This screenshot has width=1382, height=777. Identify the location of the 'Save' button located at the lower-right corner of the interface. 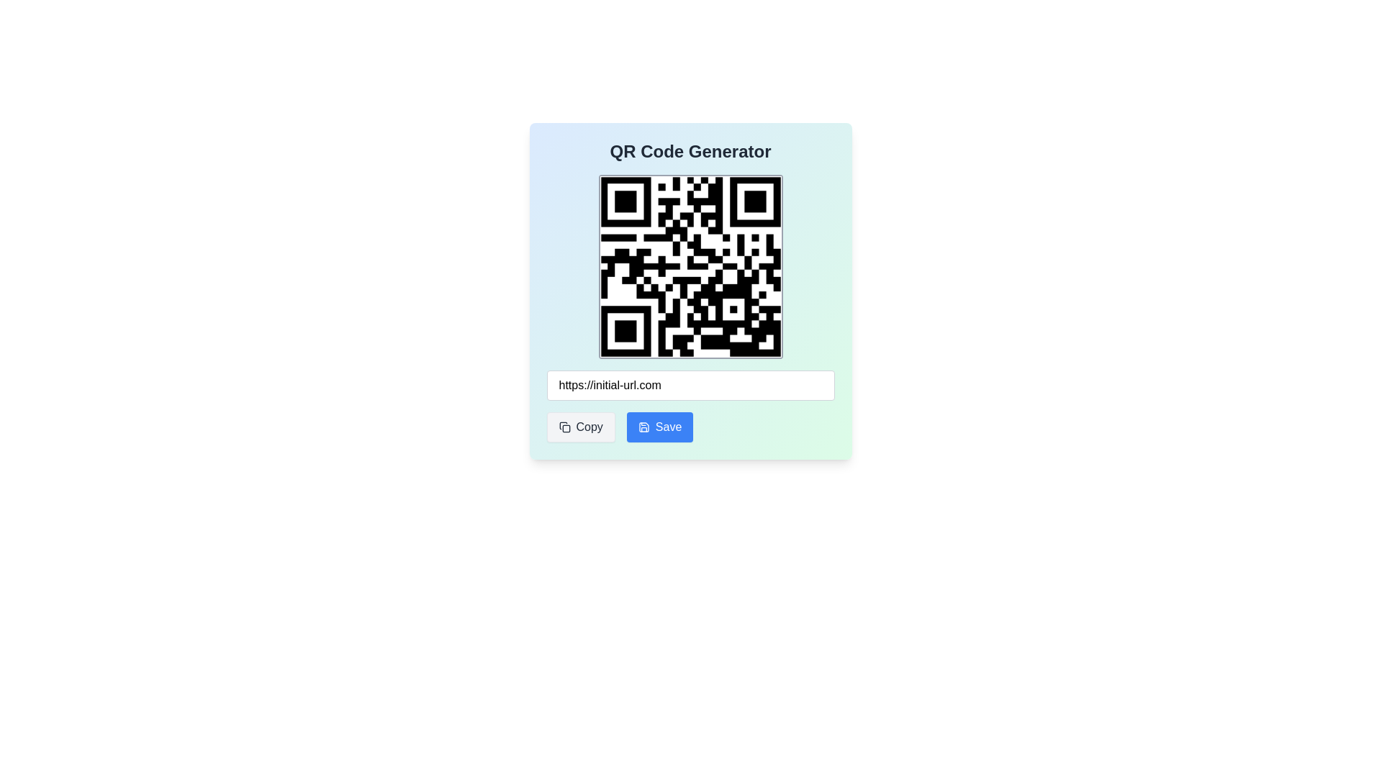
(668, 427).